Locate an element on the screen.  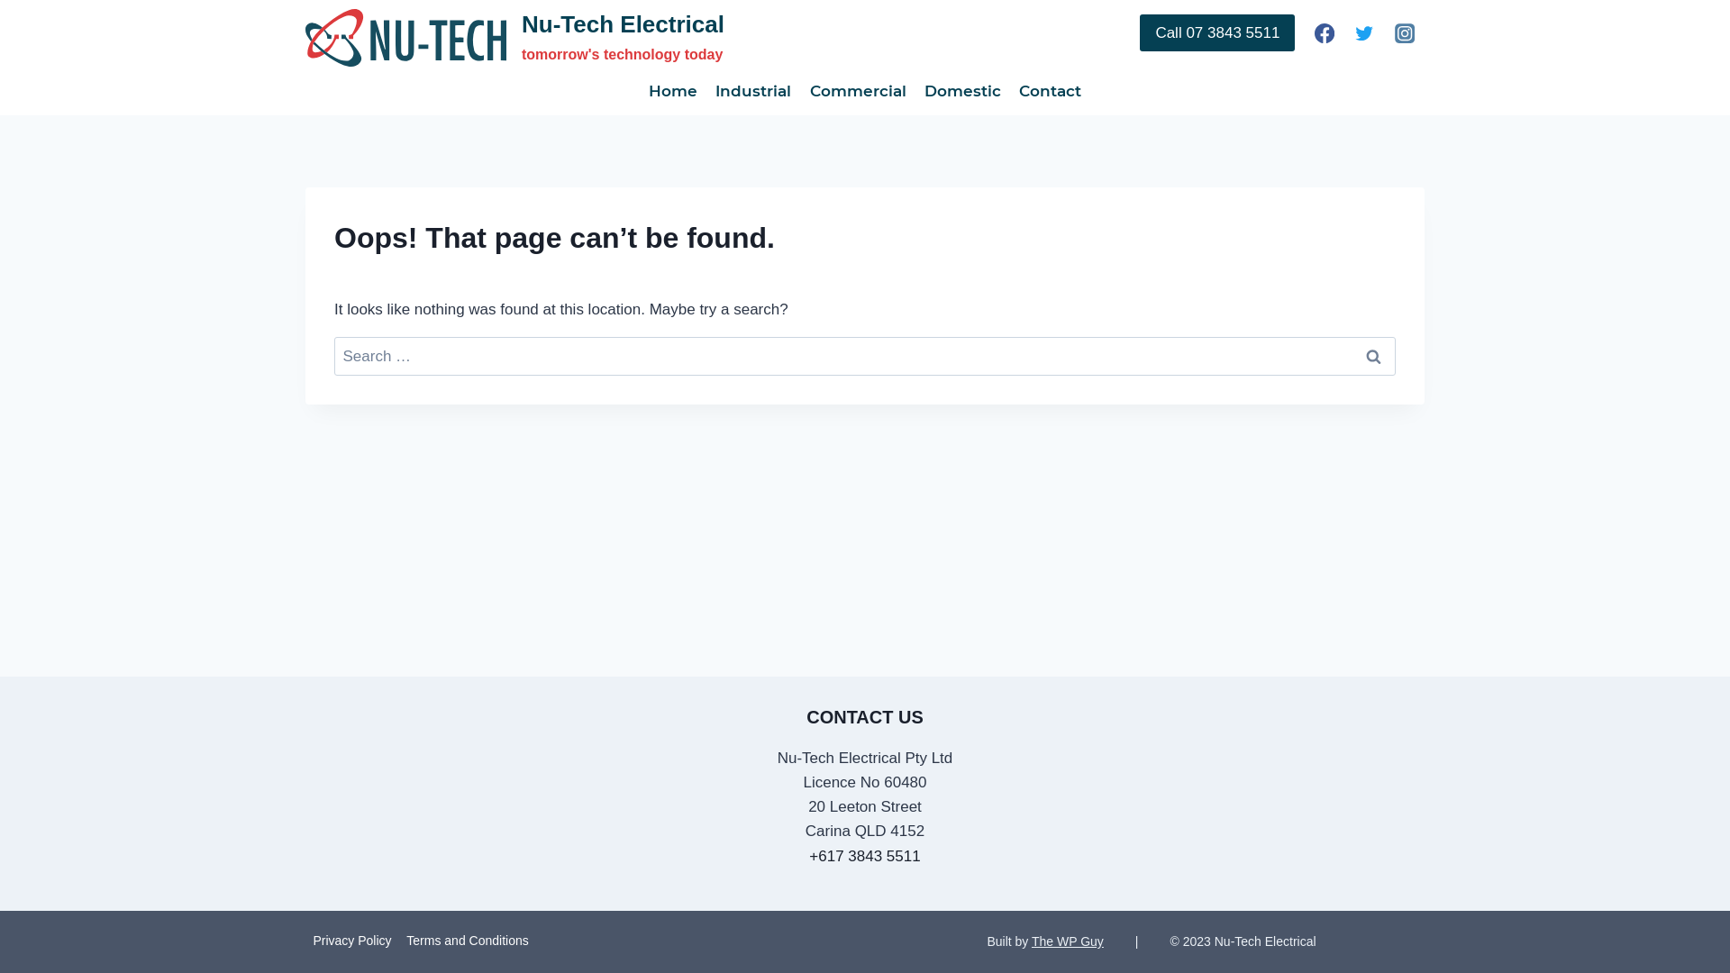
'Industrial' is located at coordinates (752, 90).